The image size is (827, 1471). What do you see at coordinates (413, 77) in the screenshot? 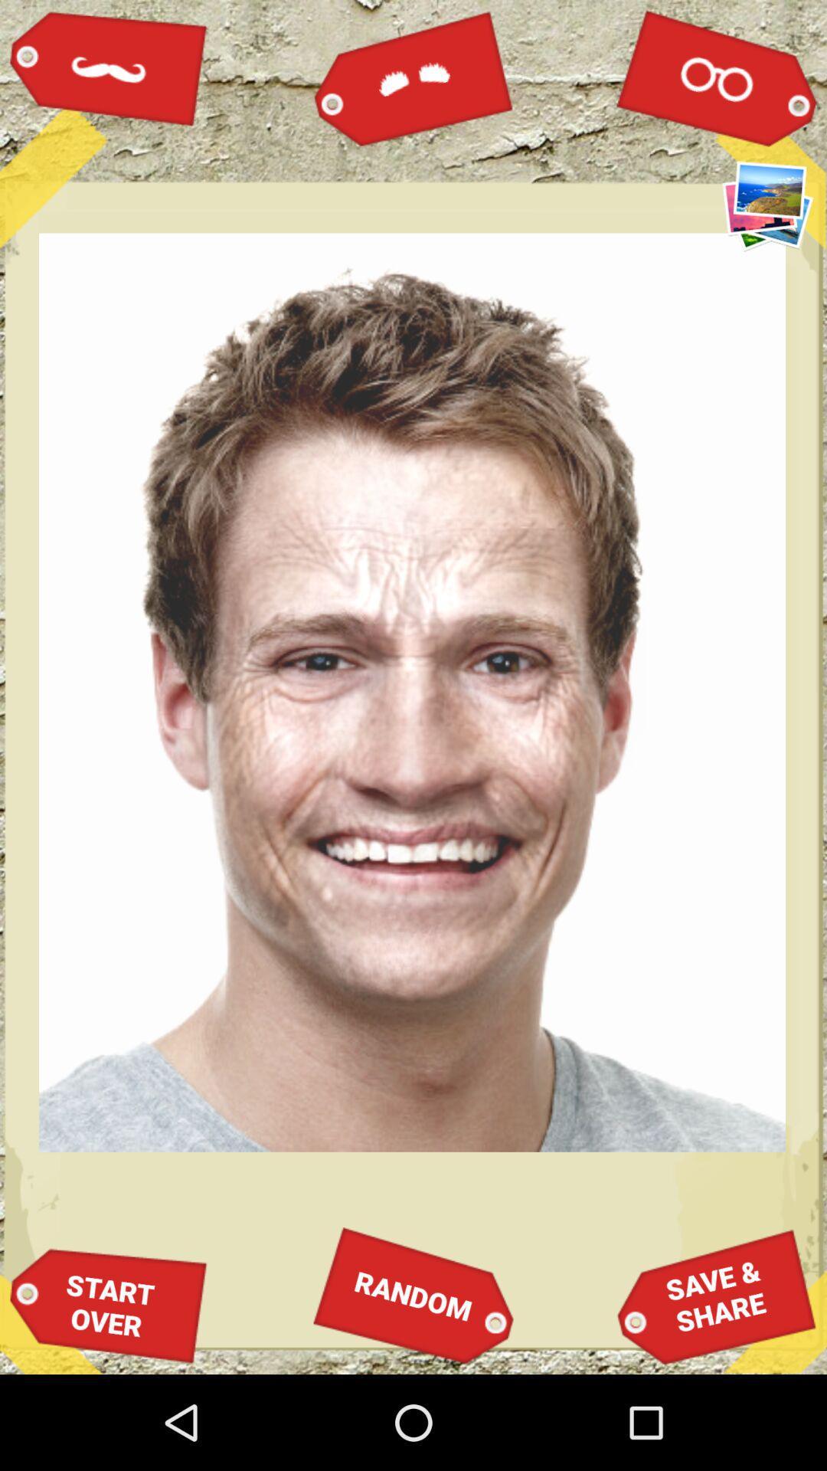
I see `the icon at the top` at bounding box center [413, 77].